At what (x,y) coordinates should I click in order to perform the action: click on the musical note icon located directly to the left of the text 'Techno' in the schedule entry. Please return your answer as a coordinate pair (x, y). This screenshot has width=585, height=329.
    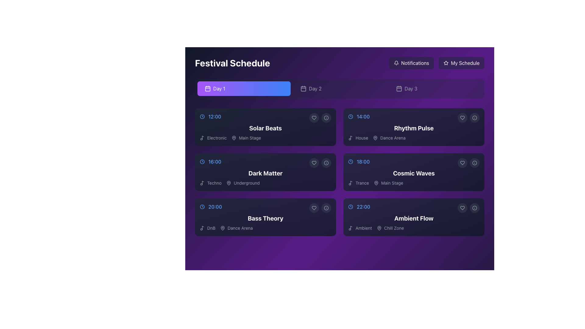
    Looking at the image, I should click on (202, 183).